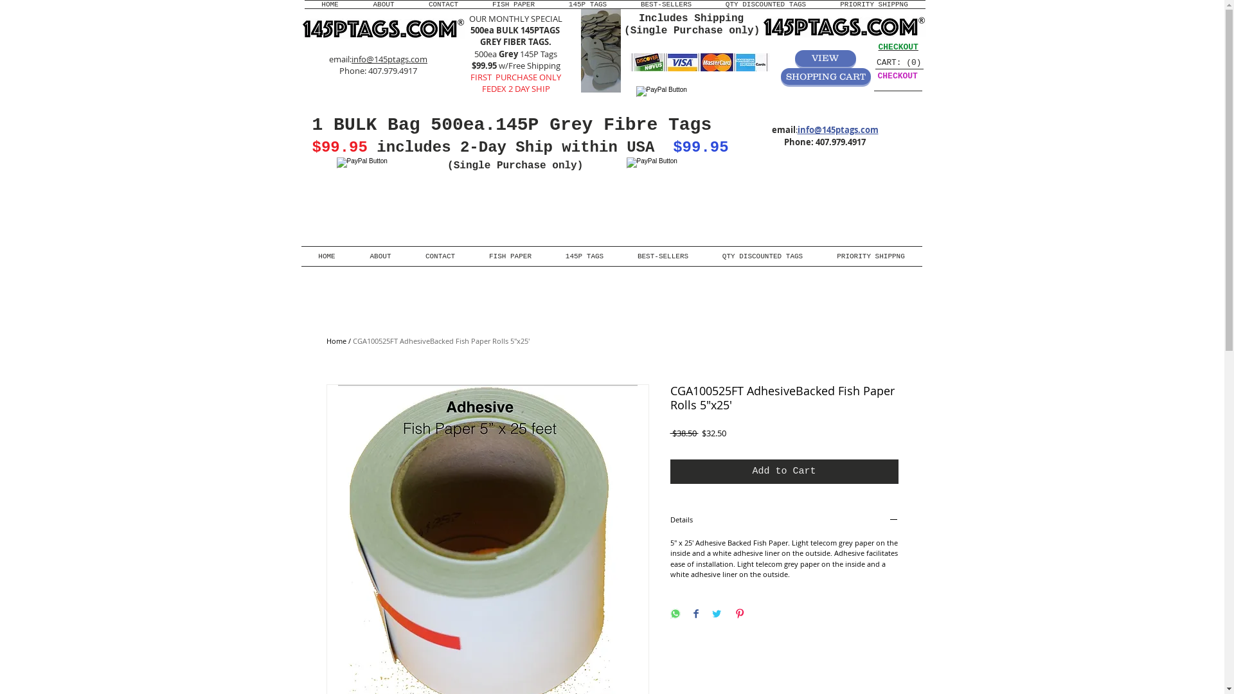 The height and width of the screenshot is (694, 1234). I want to click on 'ABOUT', so click(379, 256).